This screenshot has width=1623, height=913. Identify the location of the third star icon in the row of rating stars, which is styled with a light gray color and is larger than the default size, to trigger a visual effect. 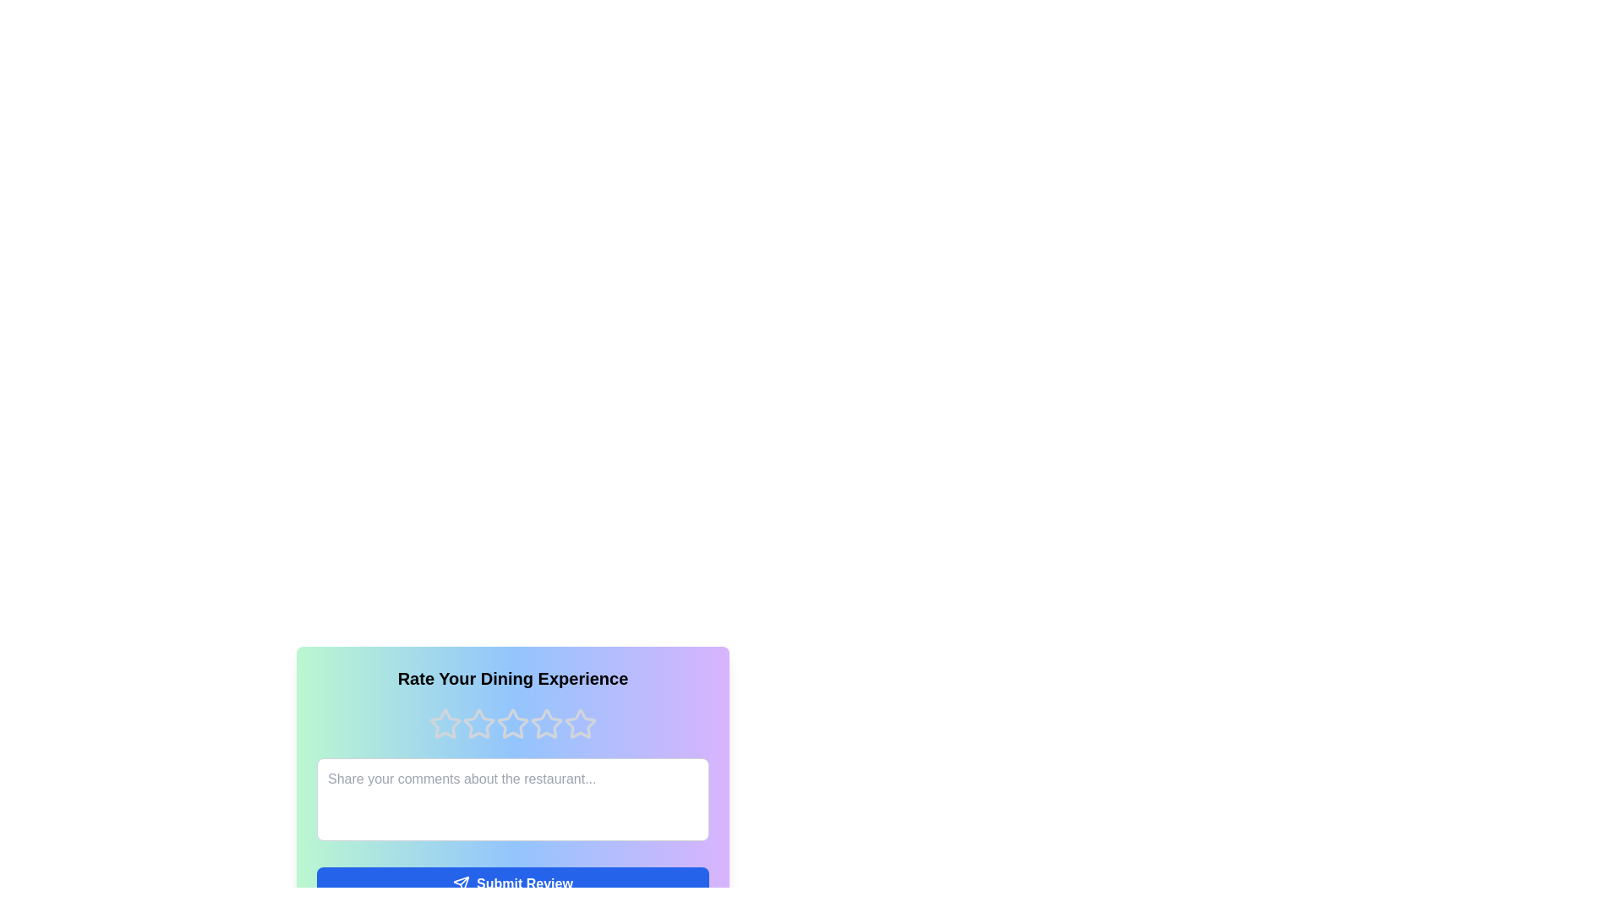
(547, 723).